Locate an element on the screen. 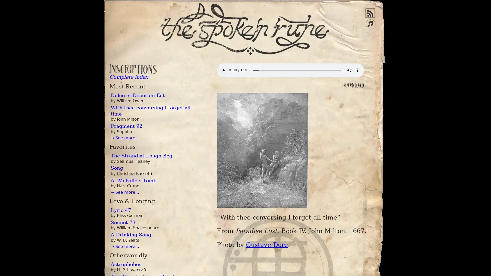 The height and width of the screenshot is (276, 491). play is located at coordinates (223, 70).